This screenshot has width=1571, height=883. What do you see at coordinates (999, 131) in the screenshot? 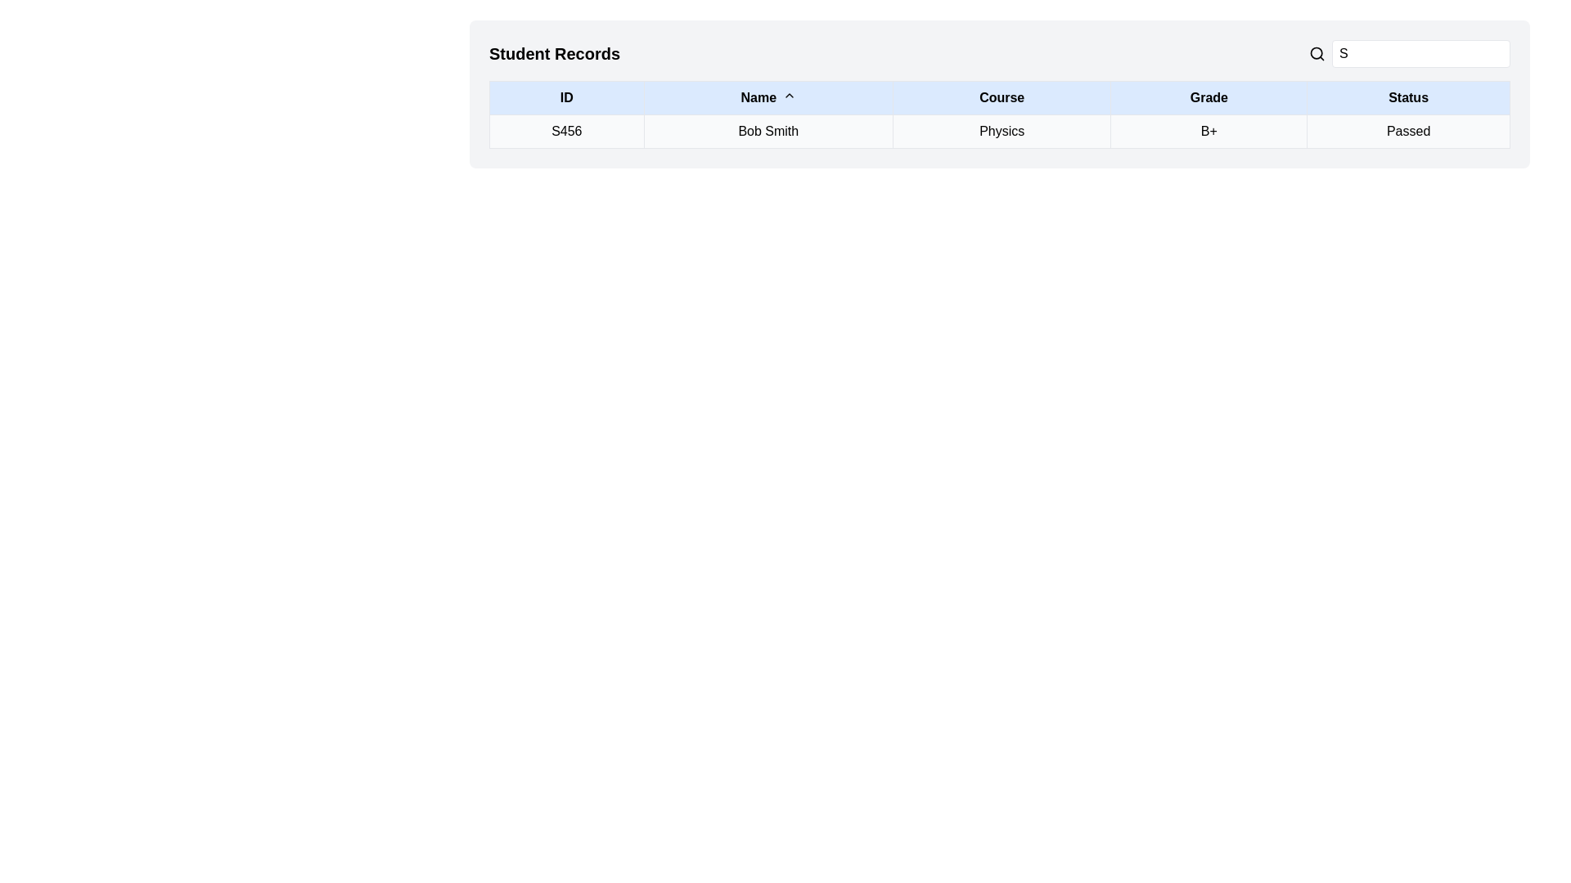
I see `the first row of the student details table, which includes 'ID: S456', 'Name: Bob Smith', 'Course: Physics', 'Grade: B+', 'Status: Passed'` at bounding box center [999, 131].